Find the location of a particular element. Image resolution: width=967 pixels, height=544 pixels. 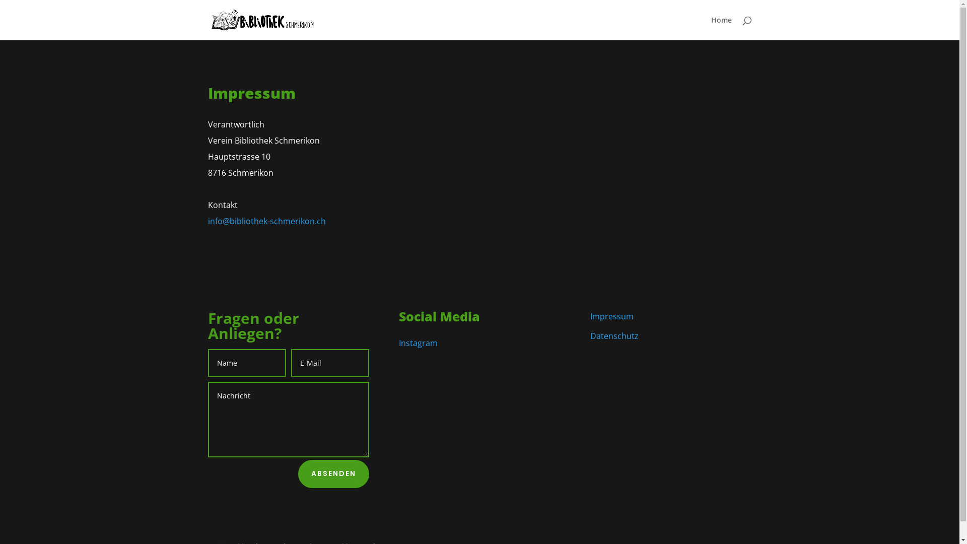

'info@bibliothek-schmerikon.ch' is located at coordinates (266, 221).